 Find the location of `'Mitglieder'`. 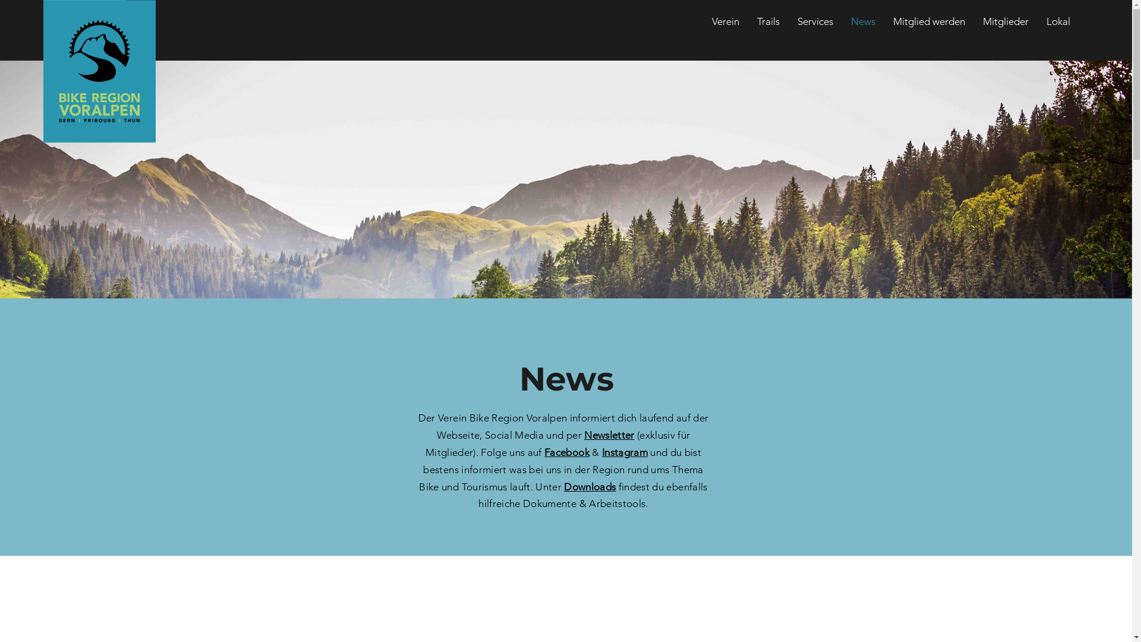

'Mitglieder' is located at coordinates (973, 29).